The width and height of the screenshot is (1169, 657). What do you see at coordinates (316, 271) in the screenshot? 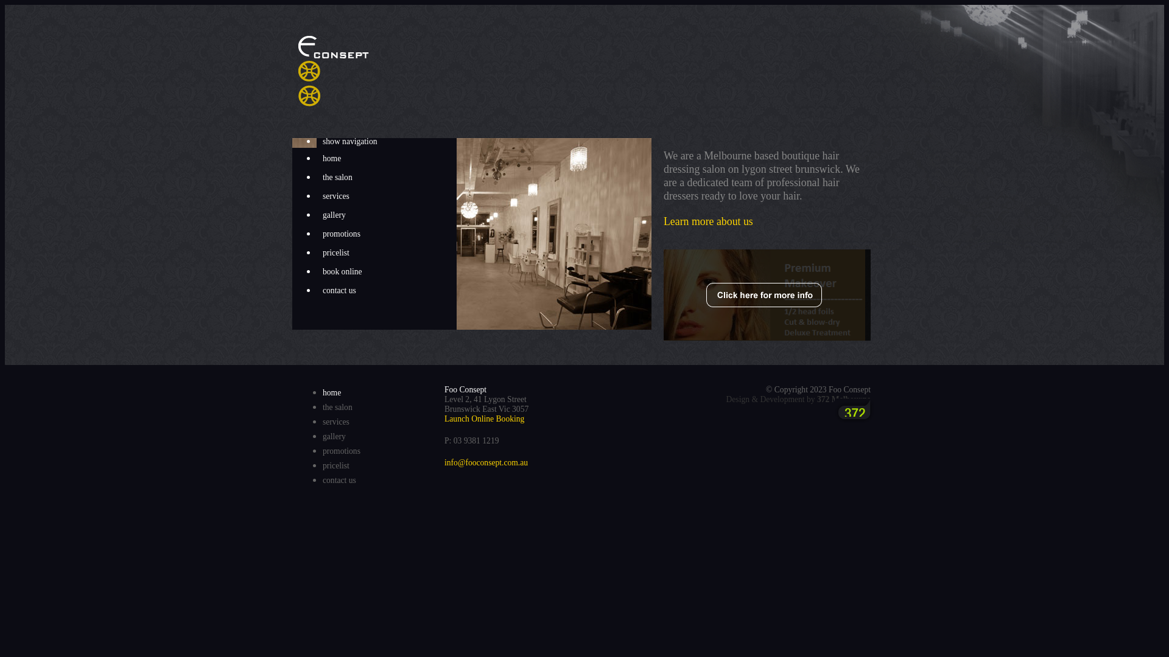
I see `'book online'` at bounding box center [316, 271].